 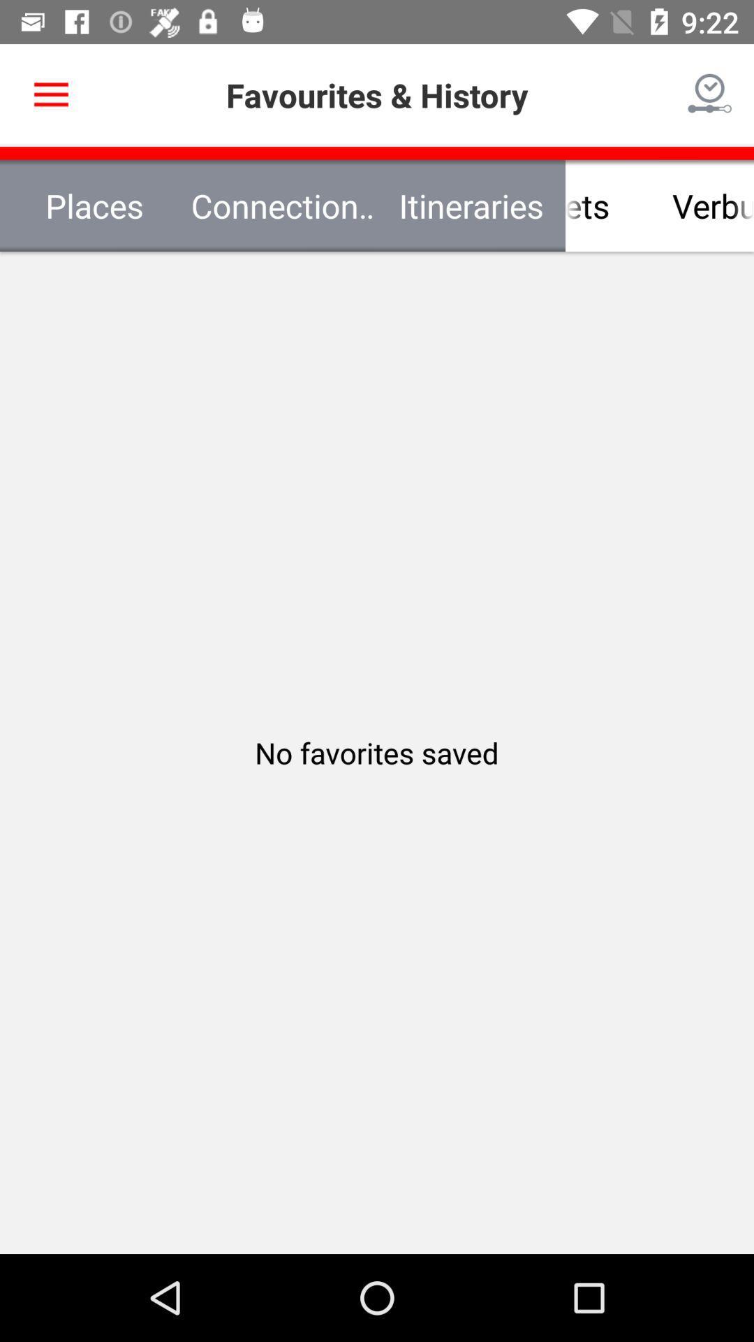 I want to click on the item next to connection requests icon, so click(x=565, y=205).